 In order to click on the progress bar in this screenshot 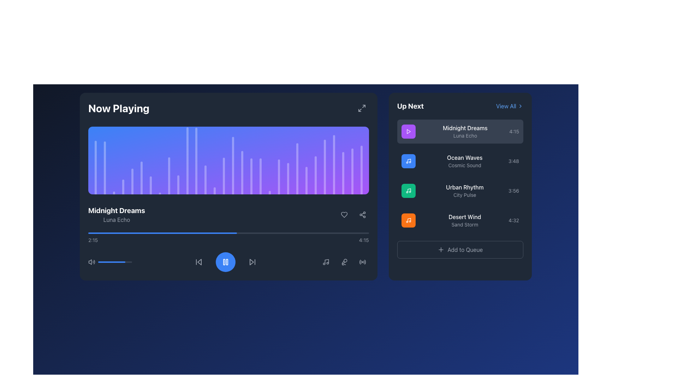, I will do `click(147, 233)`.